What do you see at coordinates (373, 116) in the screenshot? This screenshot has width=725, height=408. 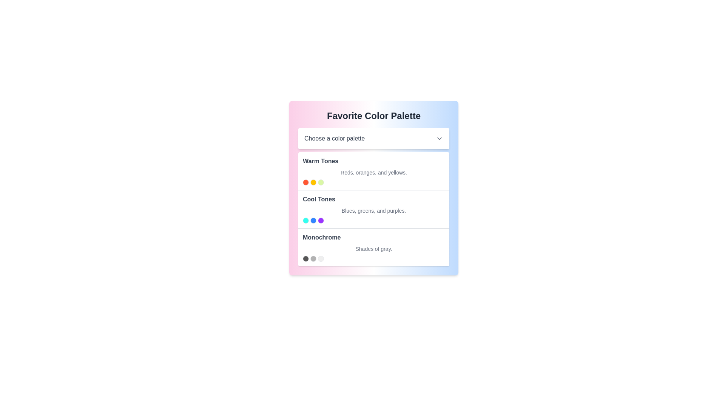 I see `the text label that serves as a heading for the section related to selecting color palettes to potentially display additional information if tooltips are supported` at bounding box center [373, 116].